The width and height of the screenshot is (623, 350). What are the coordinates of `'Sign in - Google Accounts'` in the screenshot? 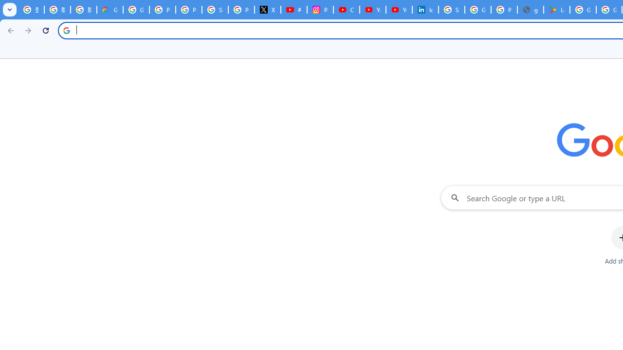 It's located at (214, 10).